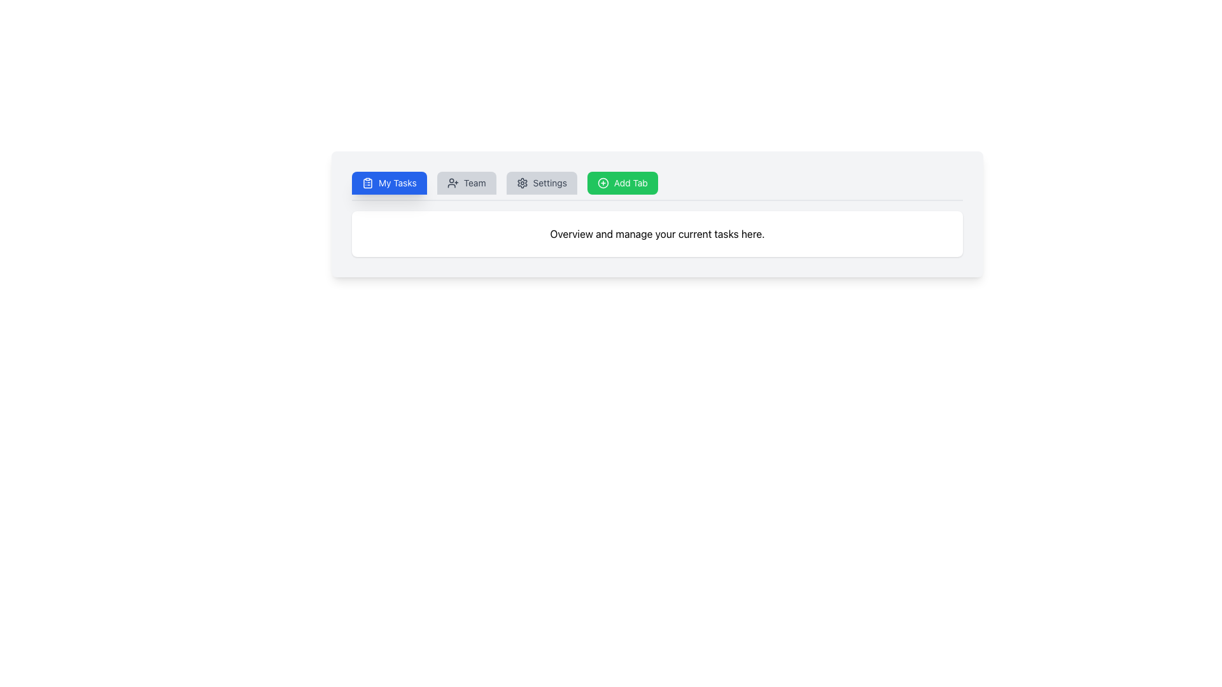 Image resolution: width=1222 pixels, height=687 pixels. I want to click on the 'Settings' button located in the top bar, positioned third among its siblings, so click(542, 183).